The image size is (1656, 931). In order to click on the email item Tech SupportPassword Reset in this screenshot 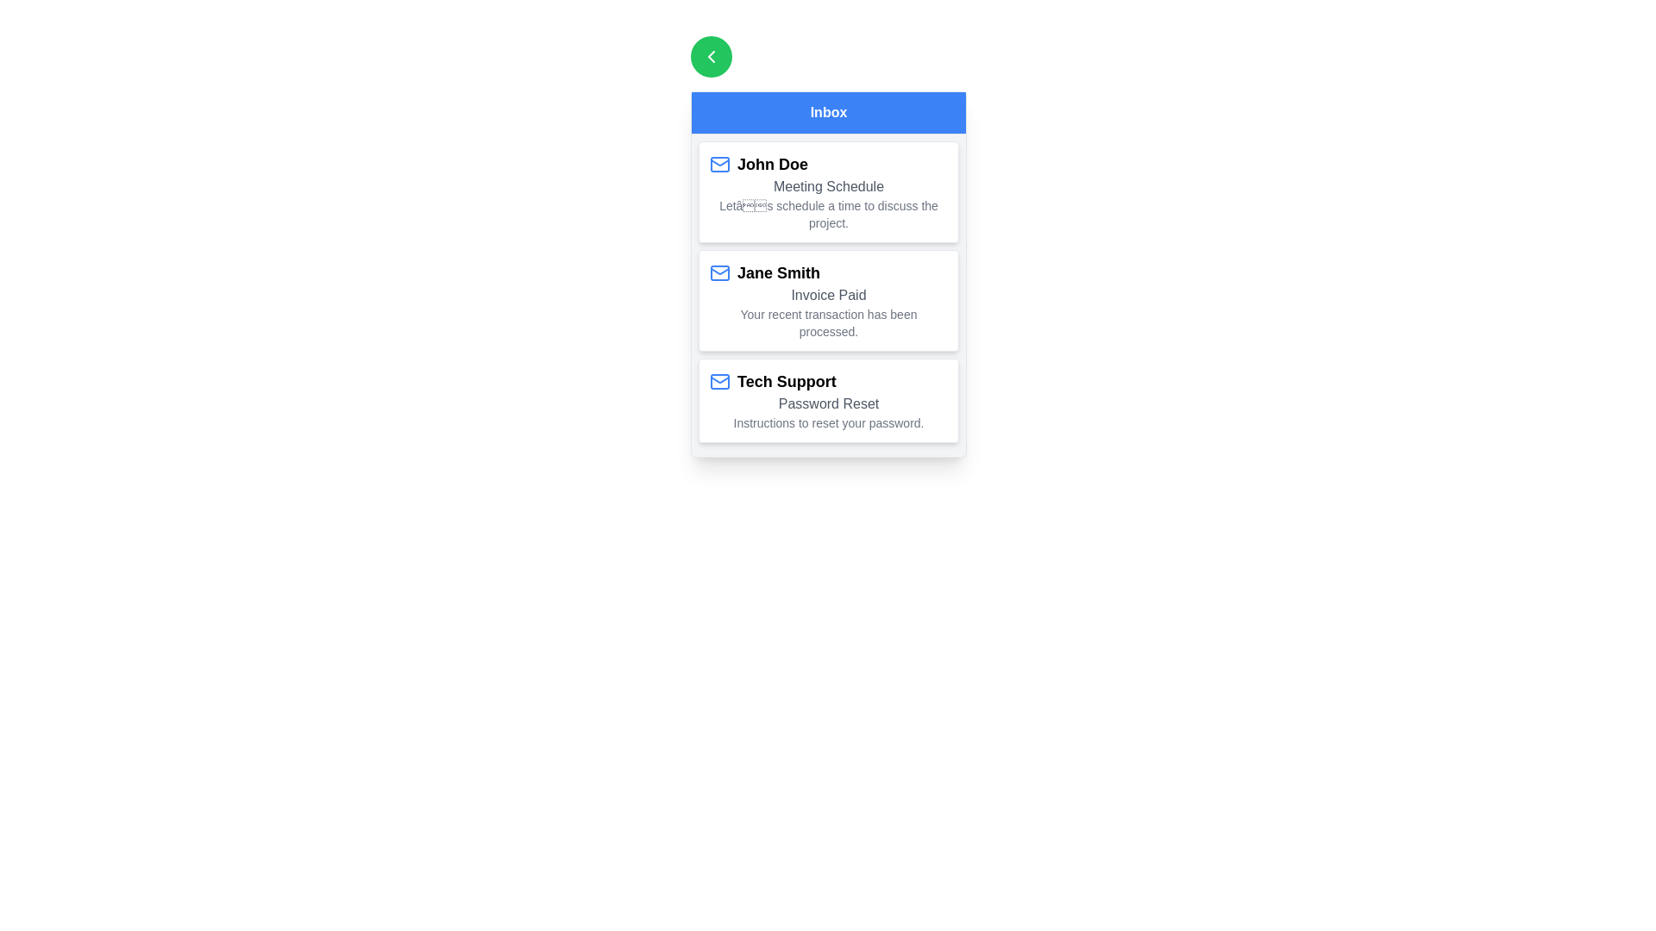, I will do `click(828, 401)`.